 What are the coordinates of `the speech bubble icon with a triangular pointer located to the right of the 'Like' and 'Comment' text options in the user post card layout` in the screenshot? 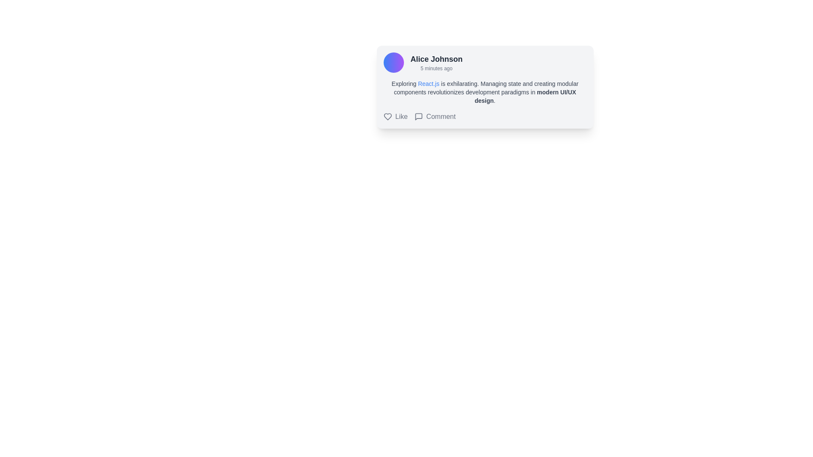 It's located at (418, 117).